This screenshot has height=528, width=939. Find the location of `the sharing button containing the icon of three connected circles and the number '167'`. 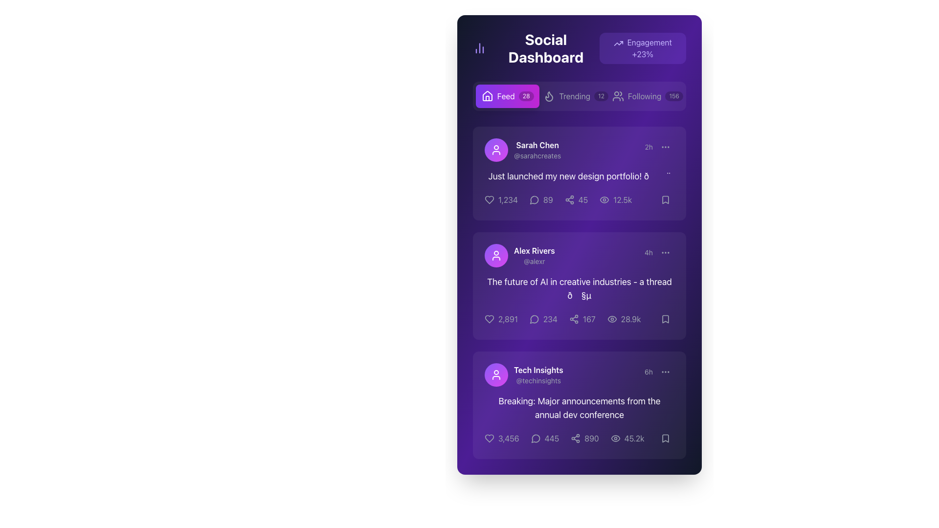

the sharing button containing the icon of three connected circles and the number '167' is located at coordinates (582, 319).